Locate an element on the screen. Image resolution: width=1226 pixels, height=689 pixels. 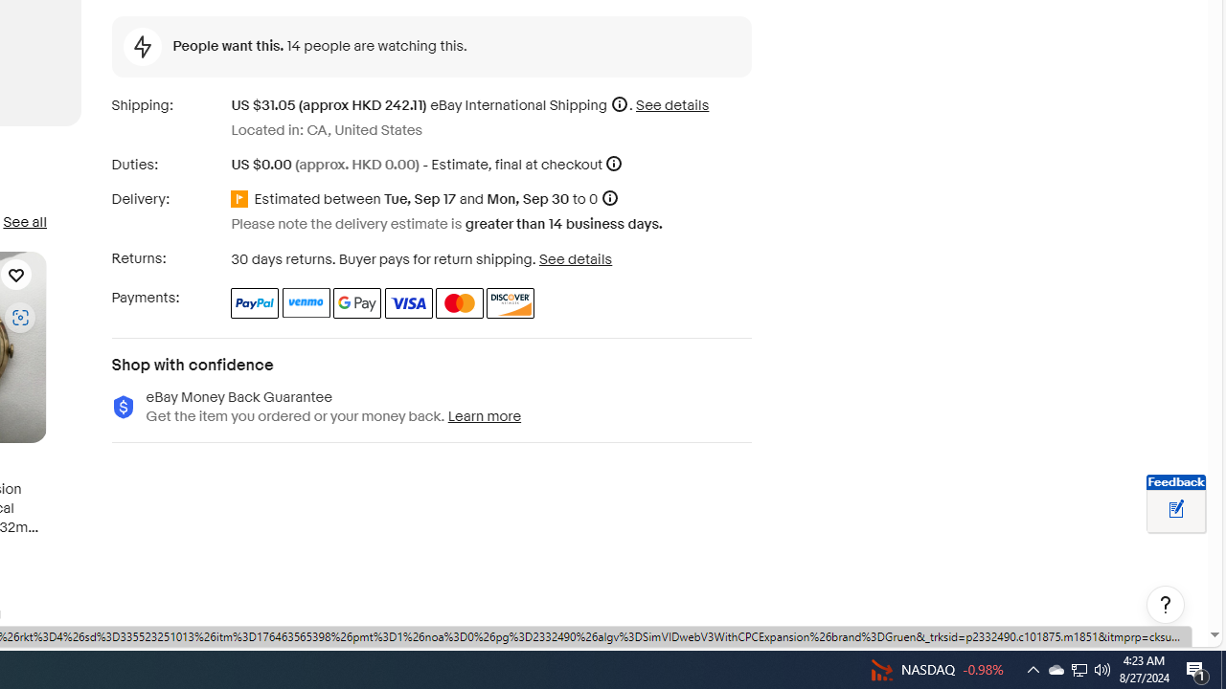
'Help, opens dialogs' is located at coordinates (1165, 605).